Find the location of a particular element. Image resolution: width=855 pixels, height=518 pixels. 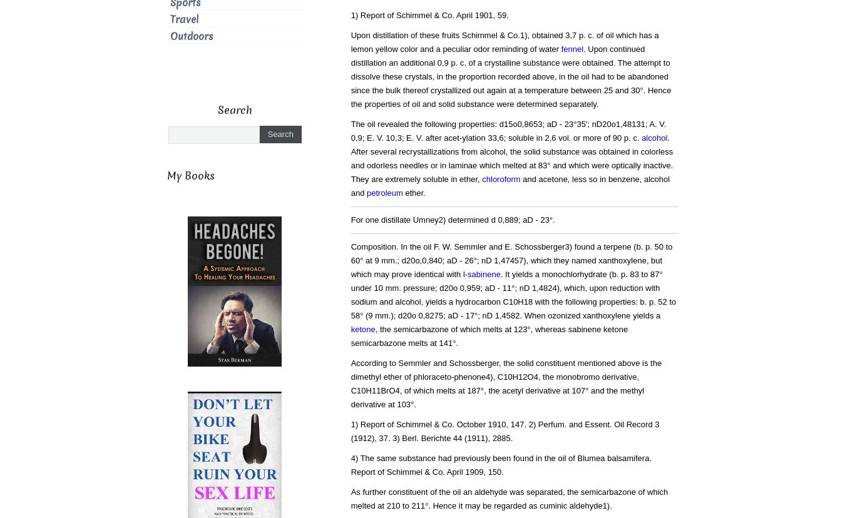

'fennel' is located at coordinates (571, 49).